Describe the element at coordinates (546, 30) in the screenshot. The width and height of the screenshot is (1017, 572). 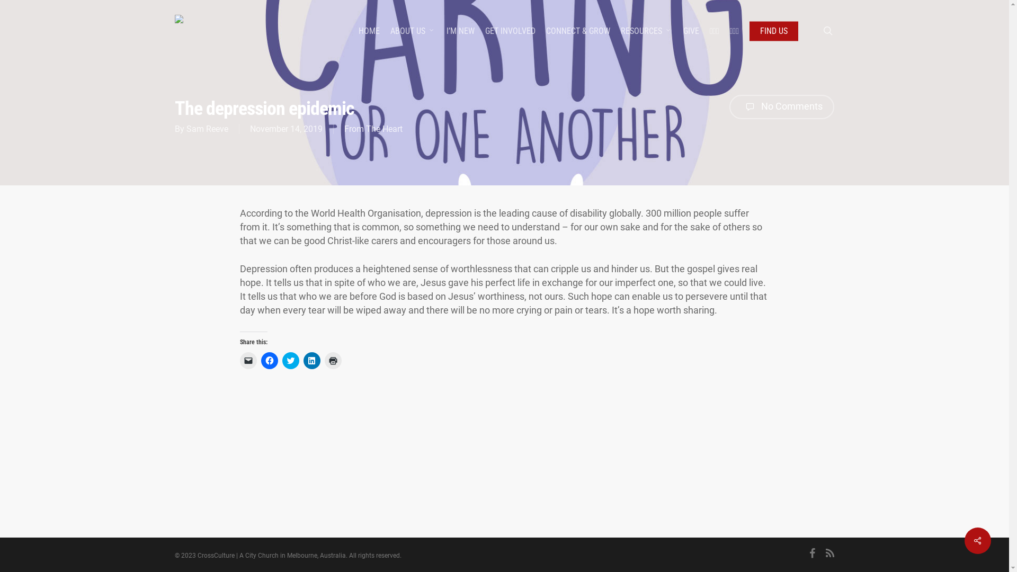
I see `'CONNECT & GROW'` at that location.